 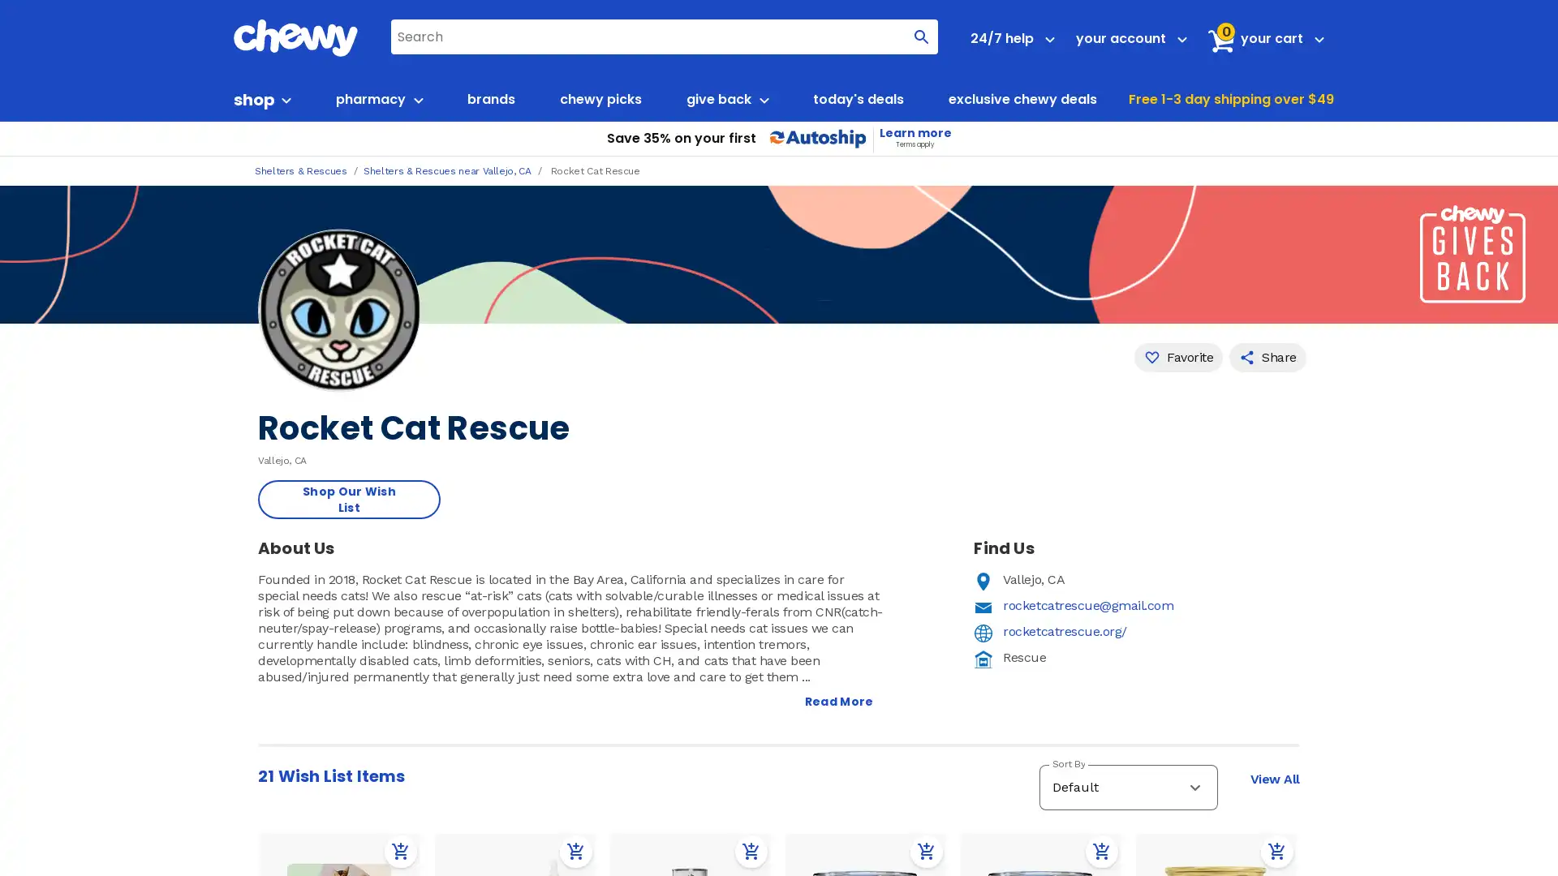 I want to click on Open pharmacy menu, so click(x=416, y=100).